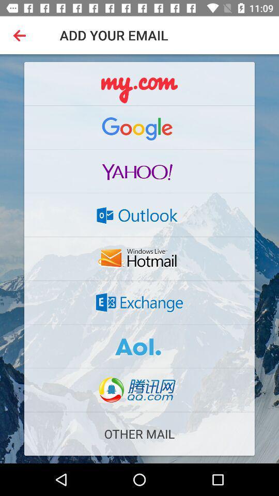  What do you see at coordinates (139, 302) in the screenshot?
I see `exchange` at bounding box center [139, 302].